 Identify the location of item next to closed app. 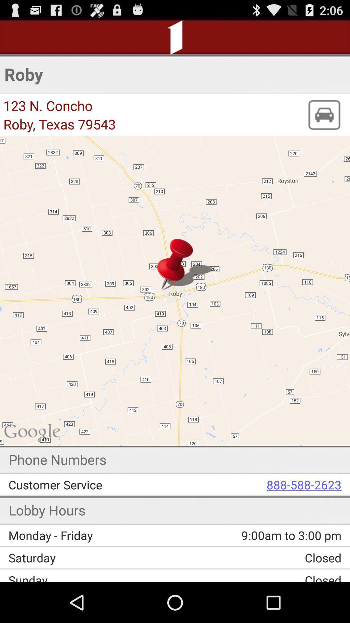
(92, 577).